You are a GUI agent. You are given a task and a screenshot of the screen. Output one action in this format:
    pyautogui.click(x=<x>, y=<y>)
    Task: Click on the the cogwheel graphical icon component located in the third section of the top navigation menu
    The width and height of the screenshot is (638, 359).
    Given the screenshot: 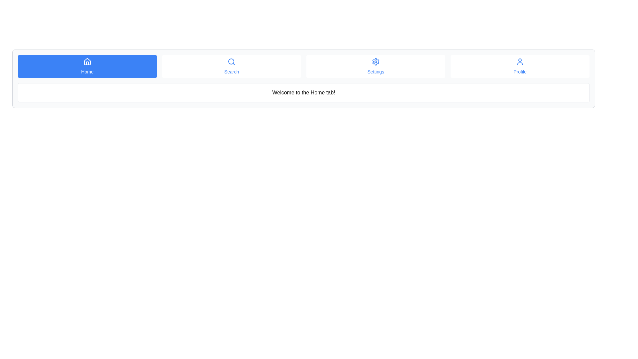 What is the action you would take?
    pyautogui.click(x=376, y=61)
    